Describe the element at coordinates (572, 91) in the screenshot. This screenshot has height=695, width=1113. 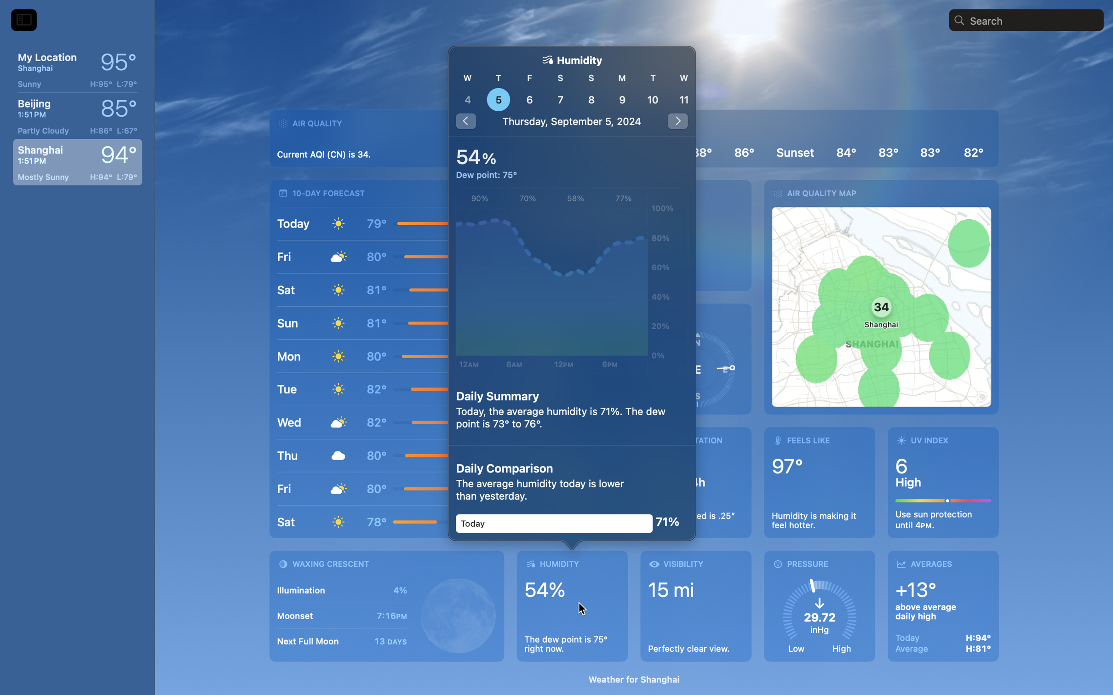
I see `'nan'` at that location.